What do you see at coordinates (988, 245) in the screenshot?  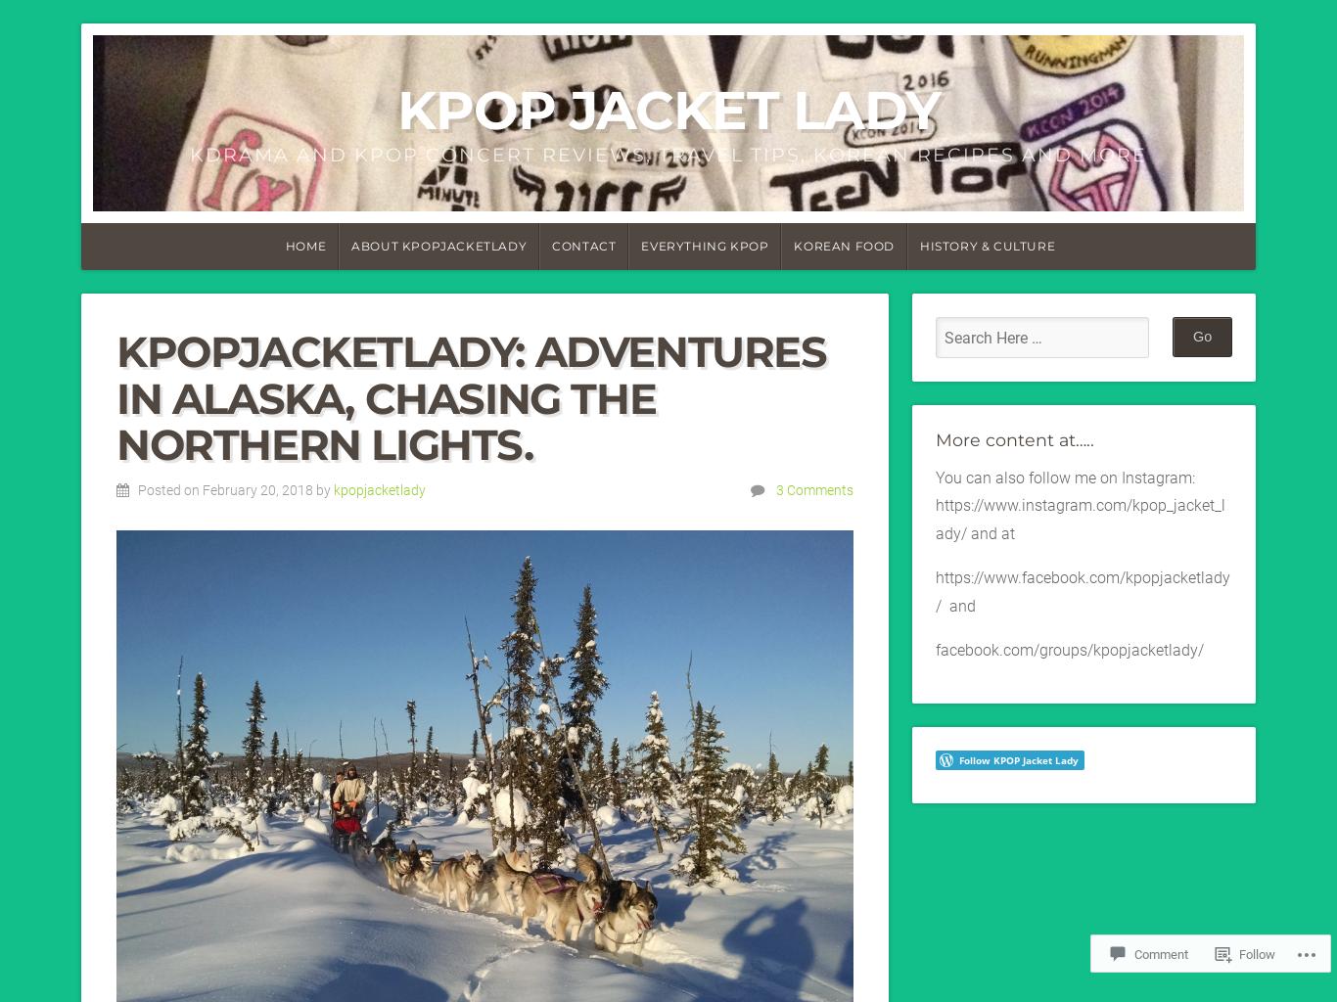 I see `'History & Culture'` at bounding box center [988, 245].